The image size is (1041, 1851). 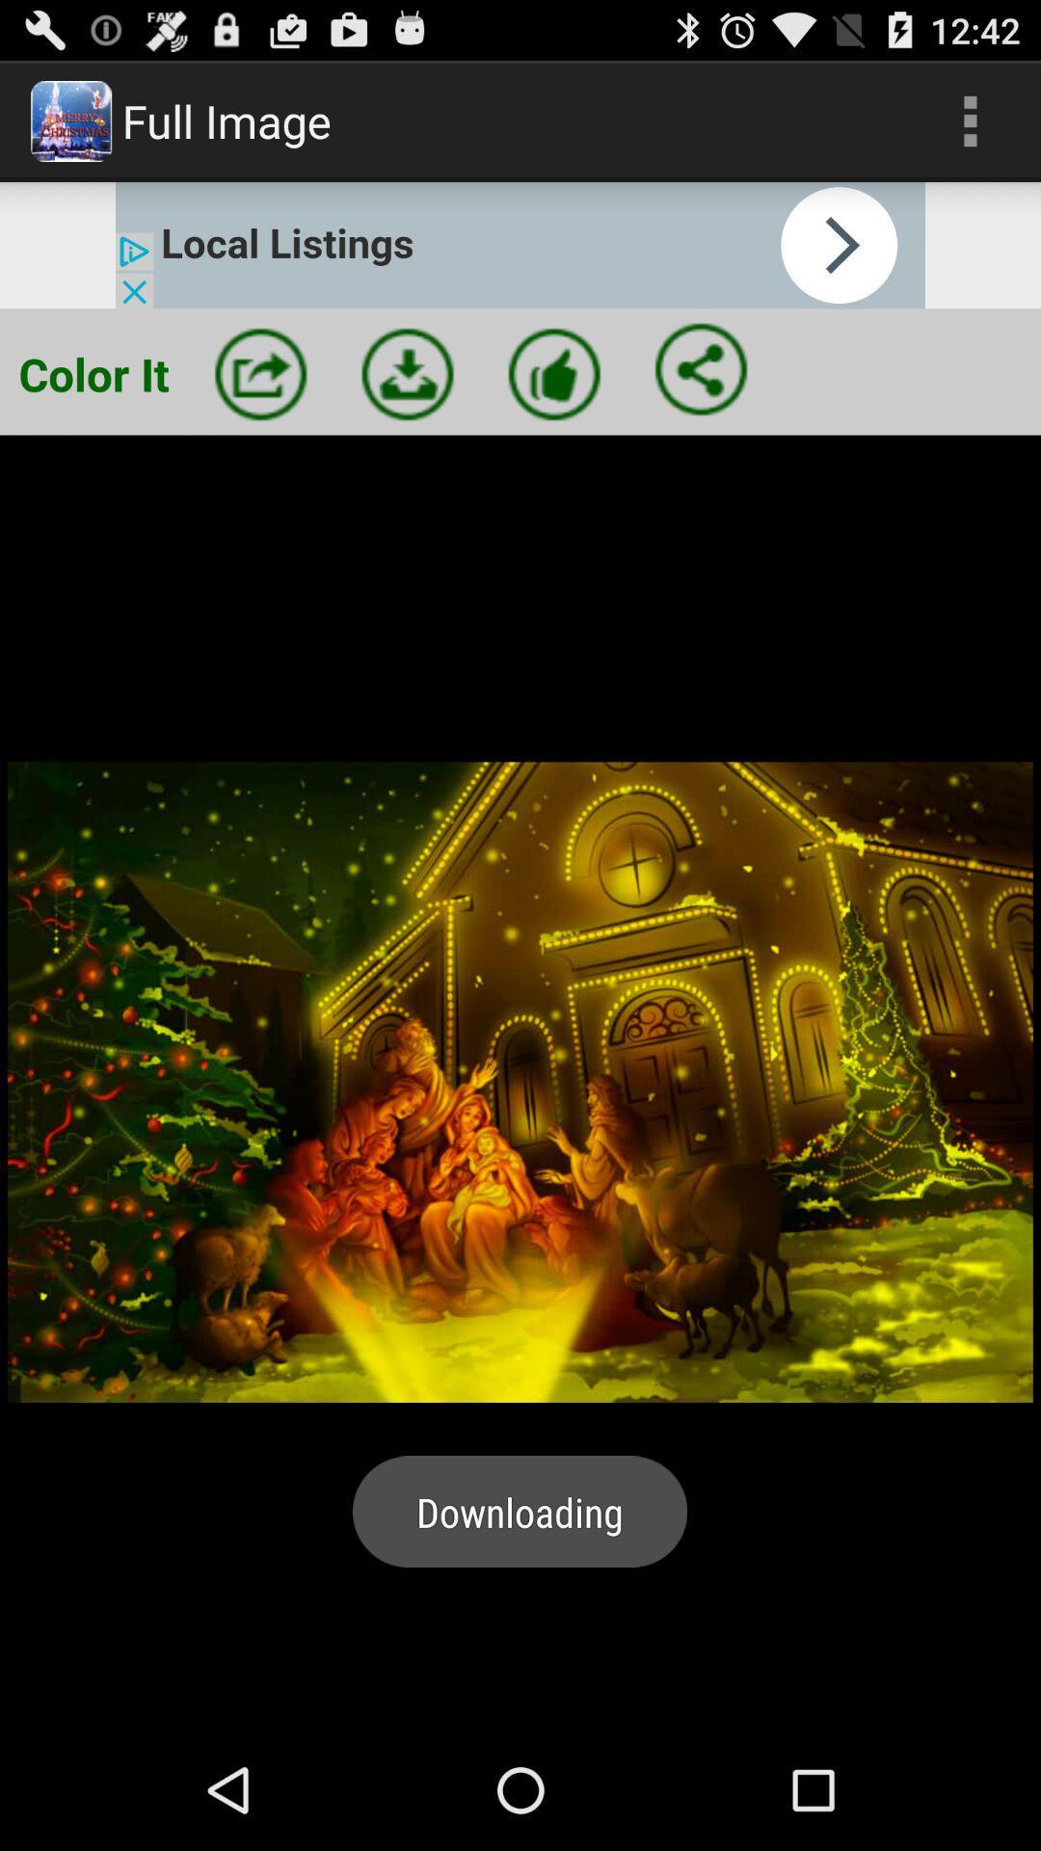 I want to click on link to advertisement, so click(x=520, y=244).